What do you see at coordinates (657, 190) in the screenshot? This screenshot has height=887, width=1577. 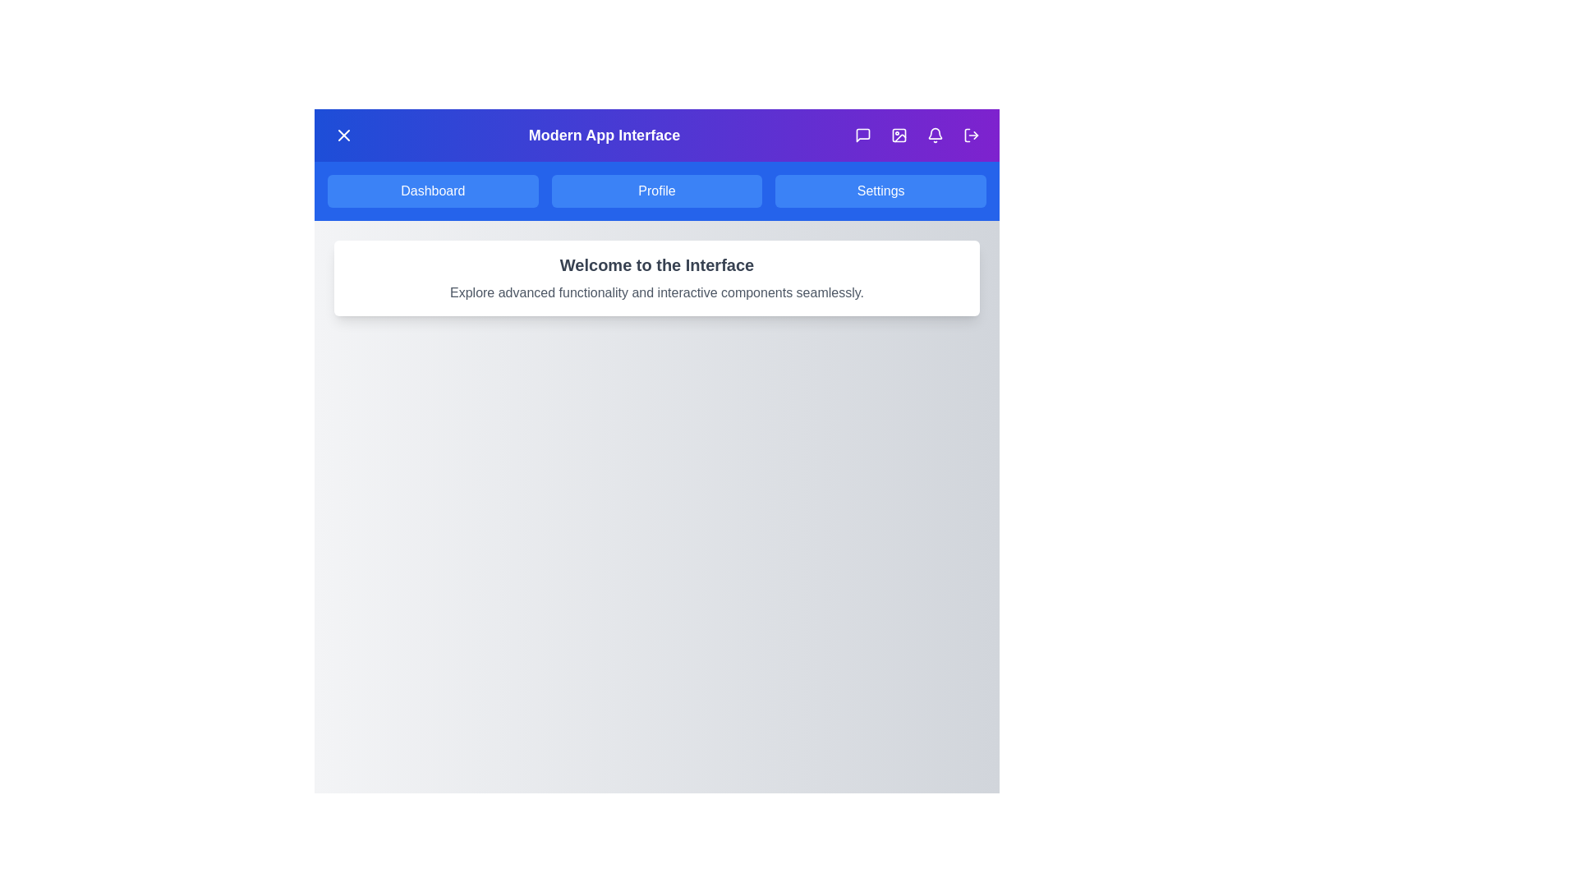 I see `the navigation bar item Profile` at bounding box center [657, 190].